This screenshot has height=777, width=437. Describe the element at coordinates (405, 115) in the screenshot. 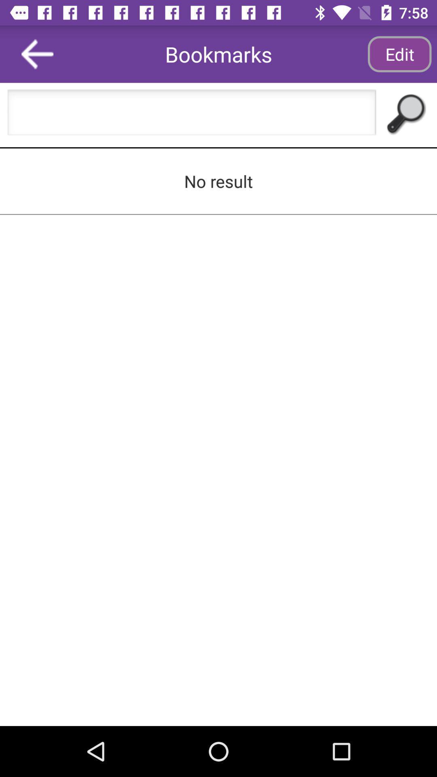

I see `the search icon` at that location.